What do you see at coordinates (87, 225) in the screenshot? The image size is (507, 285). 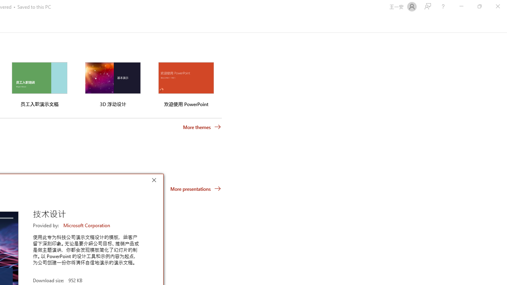 I see `'Microsoft Corporation'` at bounding box center [87, 225].